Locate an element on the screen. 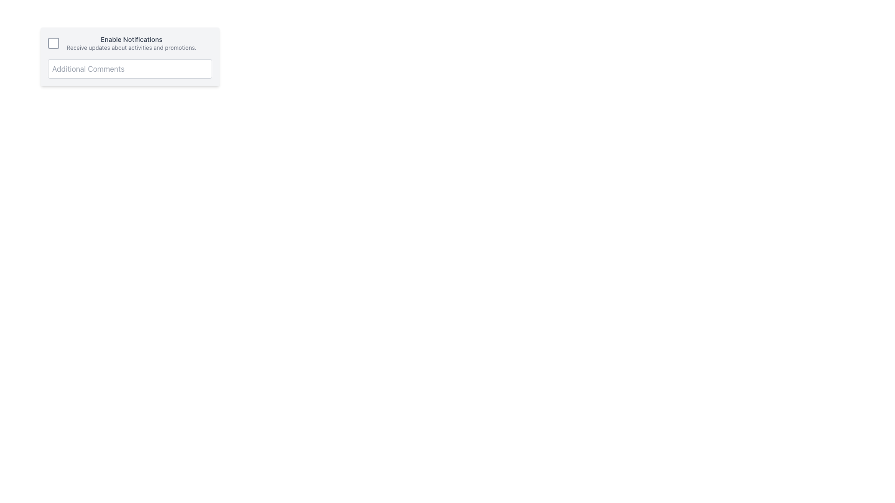  informational Text Label located below the 'Enable Notifications' heading to understand its details is located at coordinates (131, 48).